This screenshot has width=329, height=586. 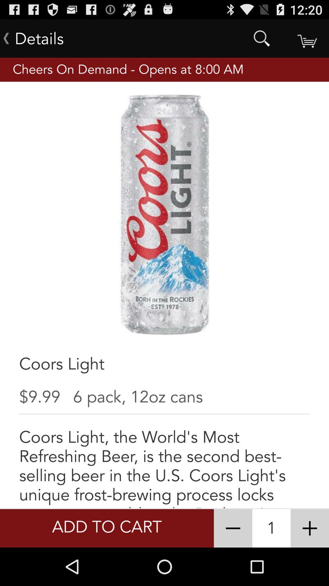 I want to click on basket, so click(x=306, y=38).